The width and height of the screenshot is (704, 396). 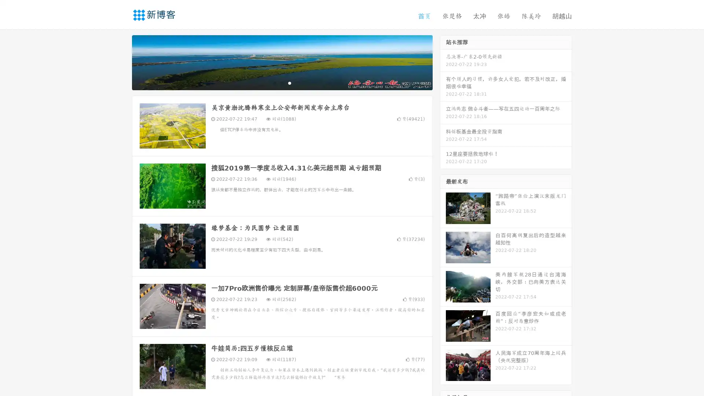 What do you see at coordinates (289, 82) in the screenshot?
I see `Go to slide 3` at bounding box center [289, 82].